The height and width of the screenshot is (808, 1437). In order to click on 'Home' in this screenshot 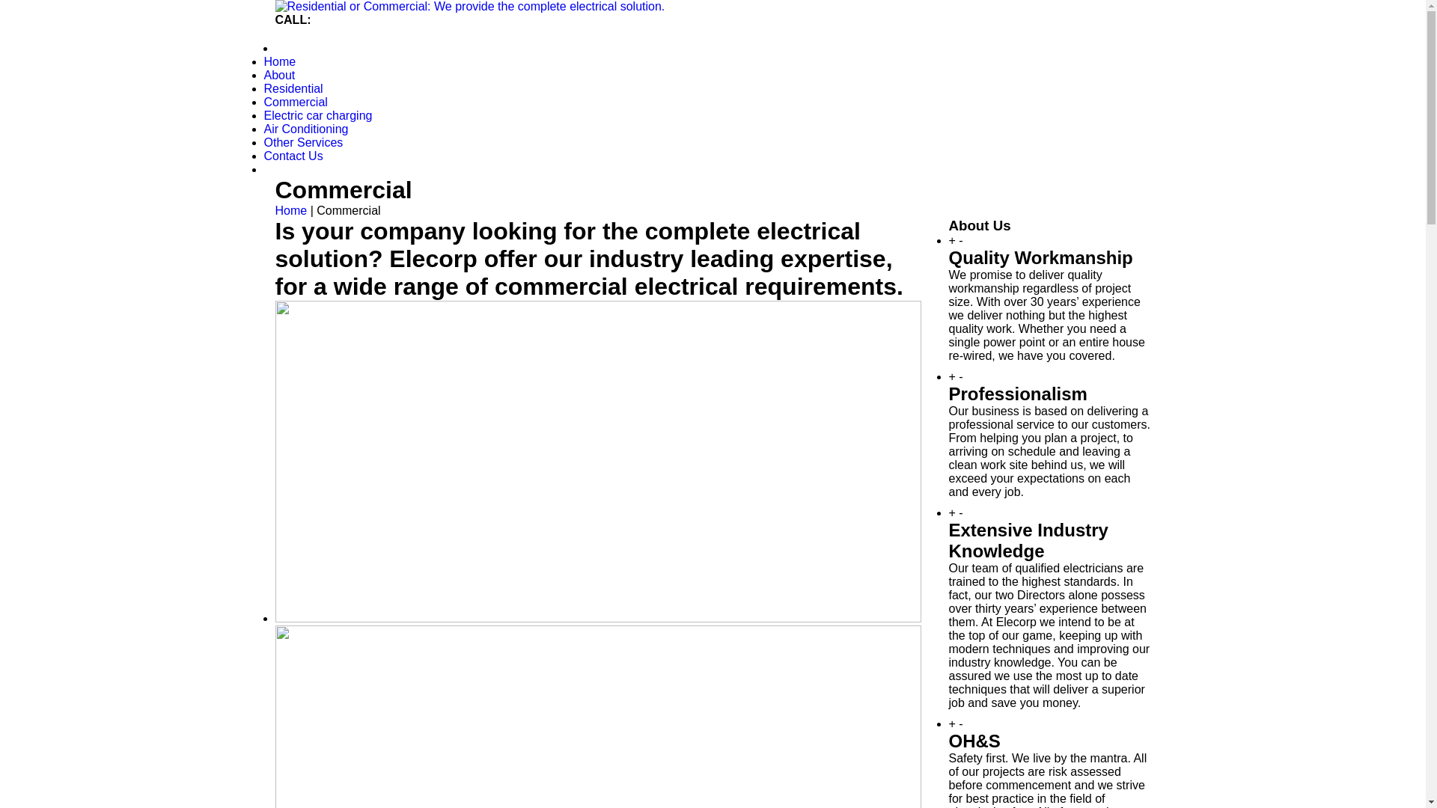, I will do `click(279, 61)`.